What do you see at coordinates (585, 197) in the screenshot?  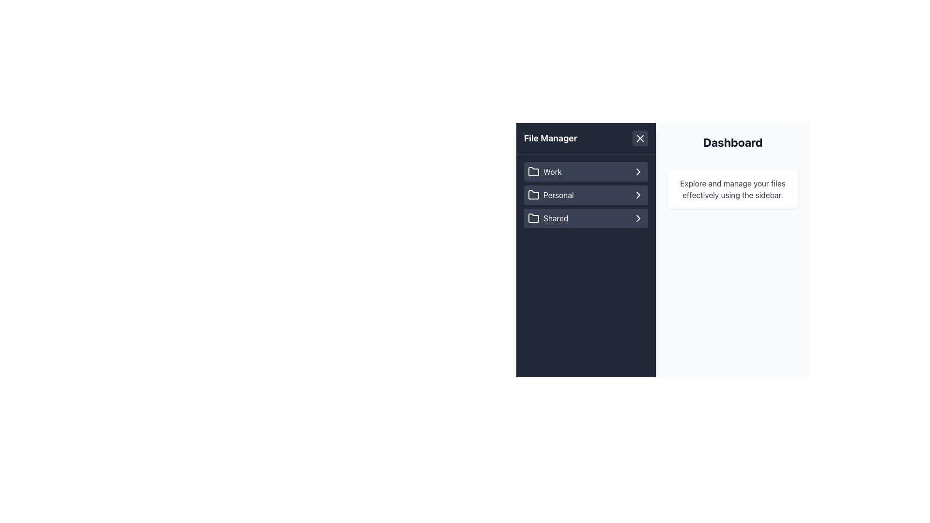 I see `the 'Personal' item in the 'File Manager' navigation sidebar` at bounding box center [585, 197].